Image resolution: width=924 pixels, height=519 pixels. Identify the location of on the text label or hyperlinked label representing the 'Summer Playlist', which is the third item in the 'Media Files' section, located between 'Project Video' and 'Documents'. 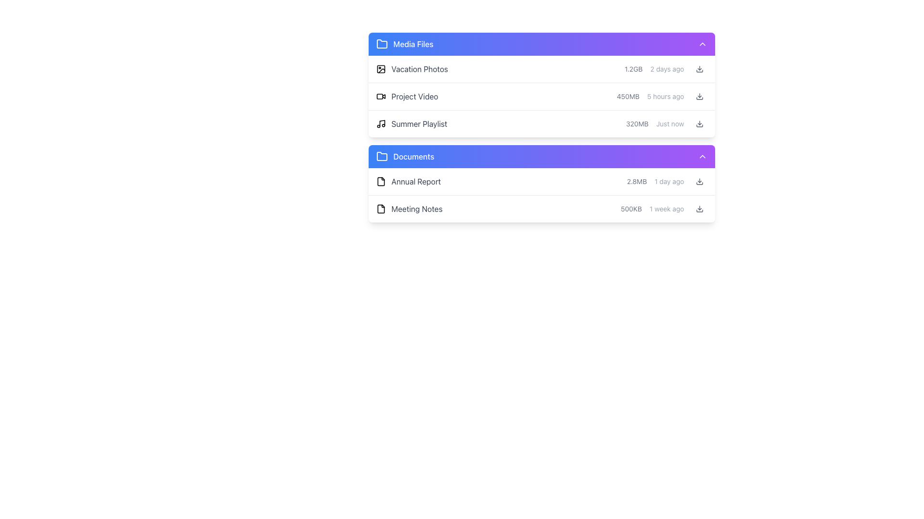
(419, 124).